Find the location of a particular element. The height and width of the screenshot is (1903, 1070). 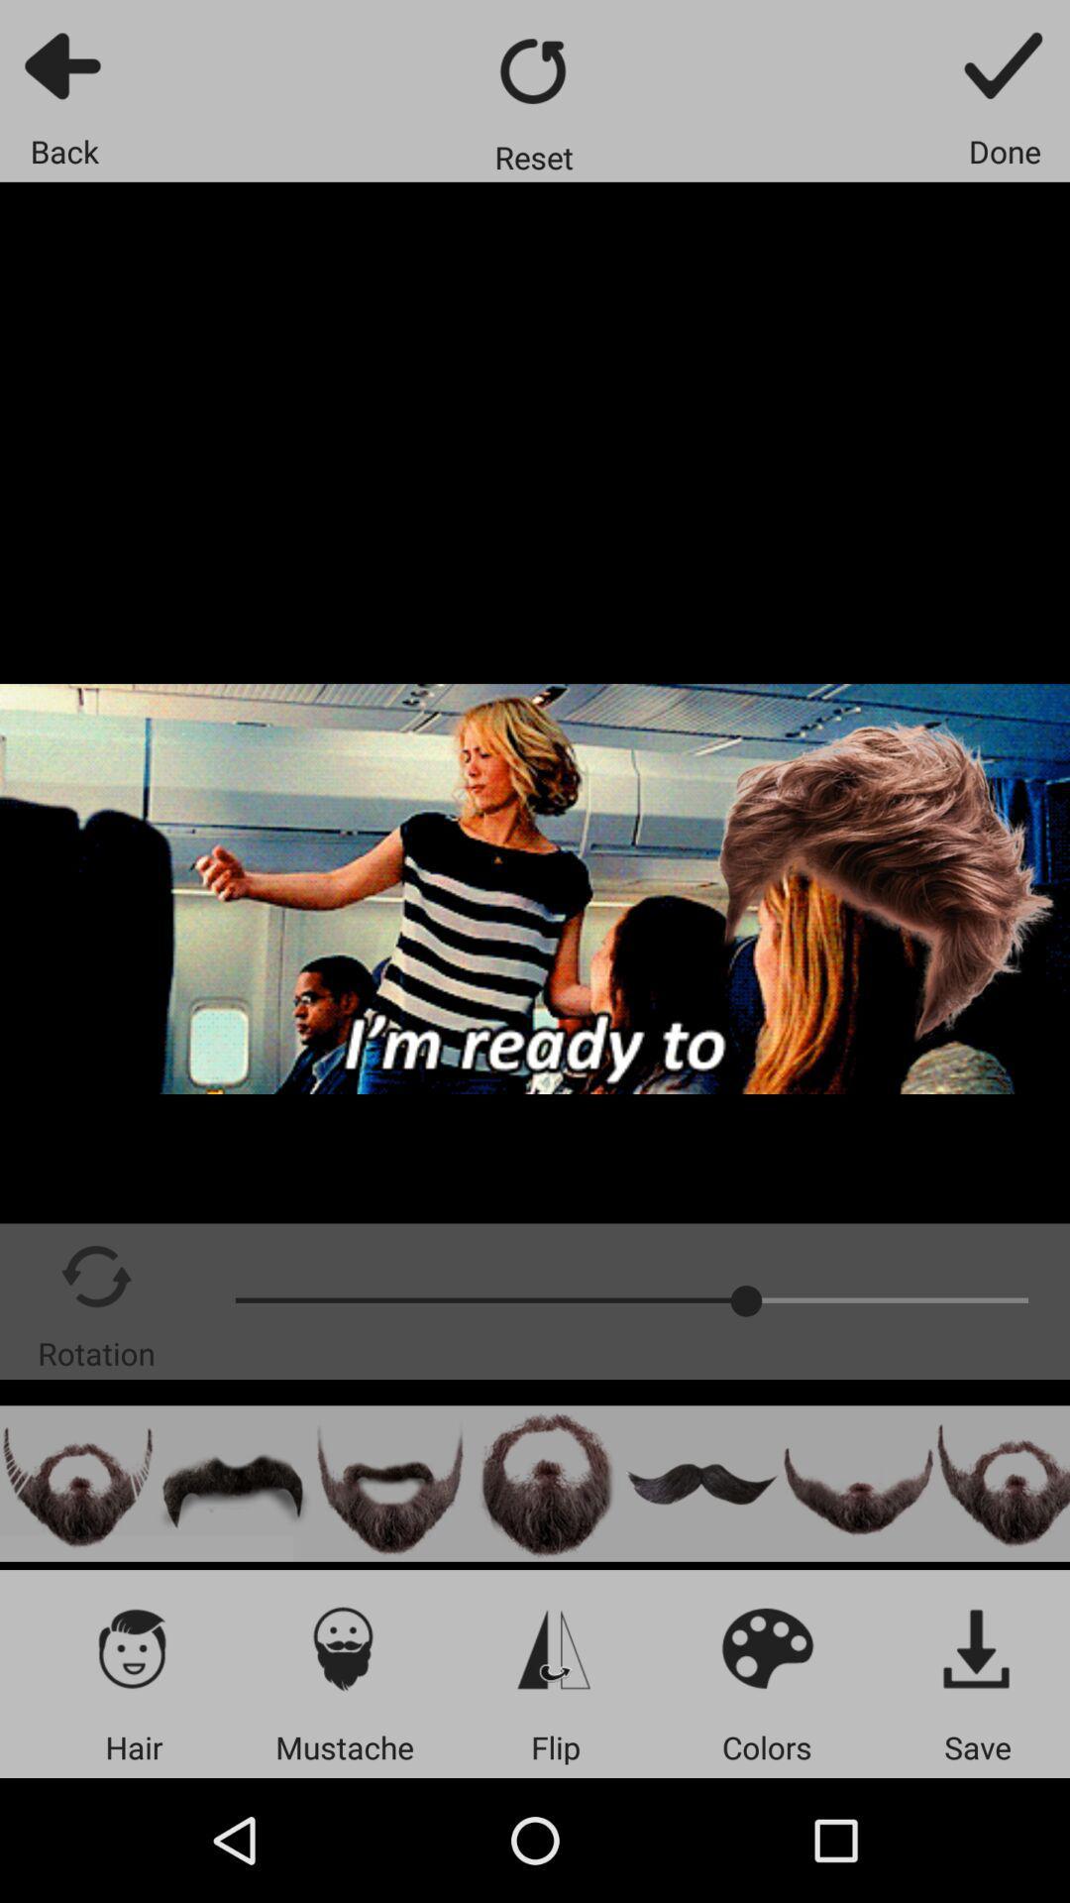

mustache icon is located at coordinates (343, 1647).